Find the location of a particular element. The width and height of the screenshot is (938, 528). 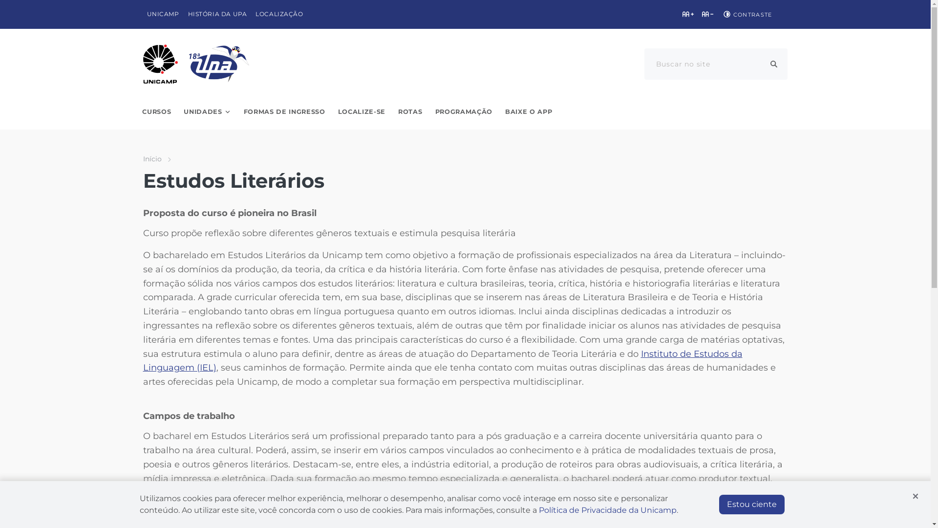

'LOCALIZE-SE' is located at coordinates (361, 111).